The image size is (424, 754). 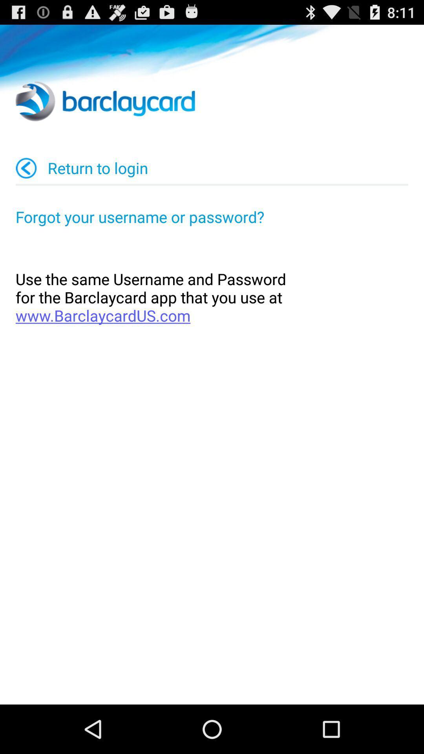 I want to click on app to the left of the return to login item, so click(x=26, y=167).